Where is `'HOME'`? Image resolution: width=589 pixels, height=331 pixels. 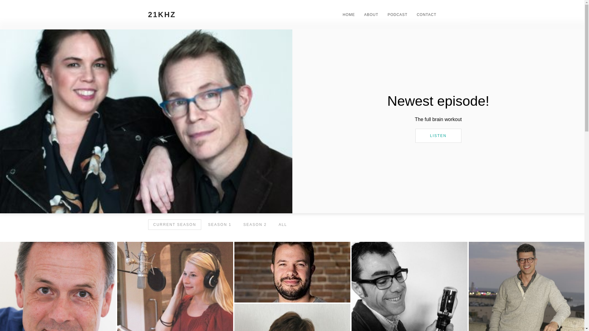
'HOME' is located at coordinates (346, 14).